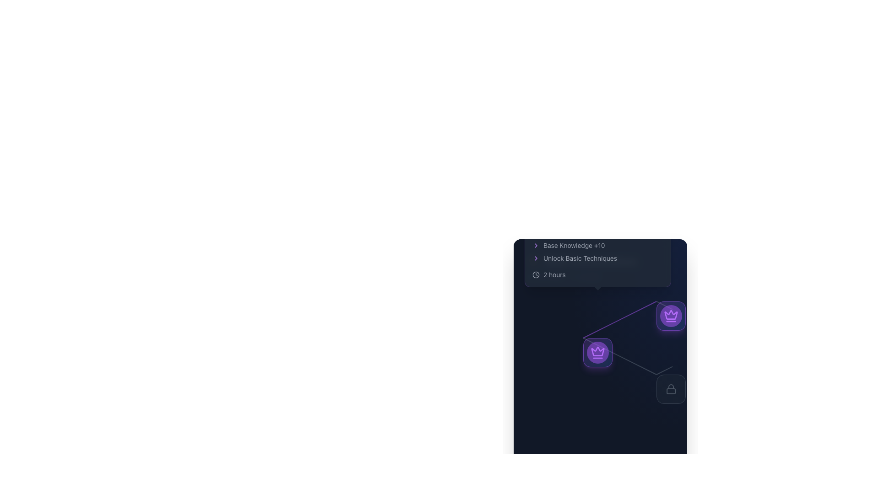 This screenshot has height=494, width=879. I want to click on the small square icon with a dark background and a lock symbol, located in the bottom-right corner of the layout, so click(671, 389).